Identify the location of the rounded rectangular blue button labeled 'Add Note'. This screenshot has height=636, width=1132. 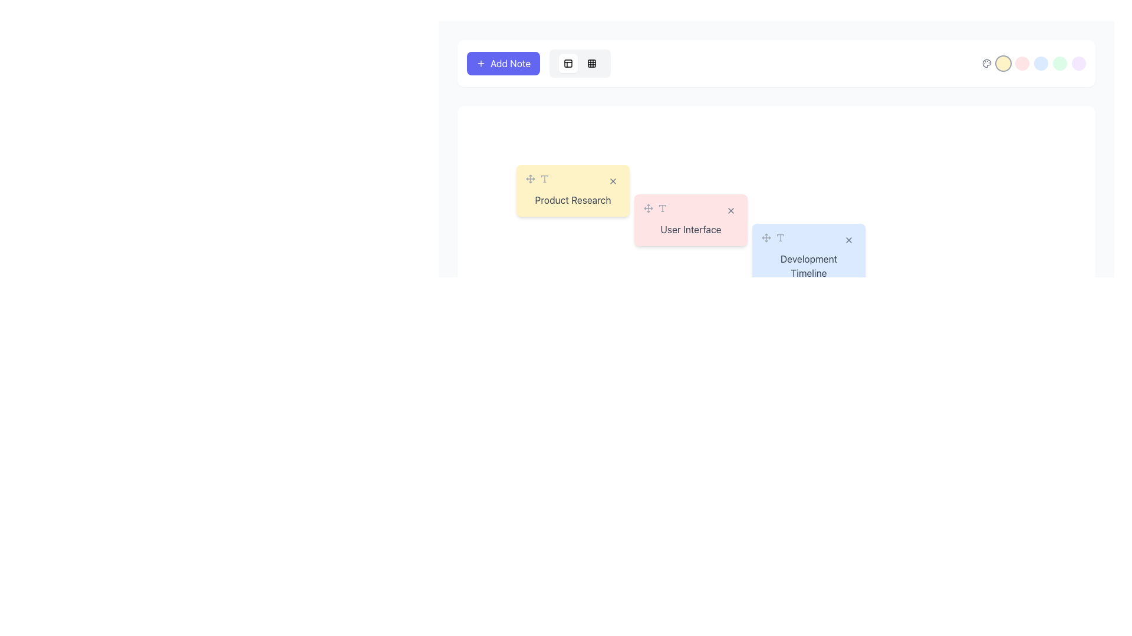
(504, 64).